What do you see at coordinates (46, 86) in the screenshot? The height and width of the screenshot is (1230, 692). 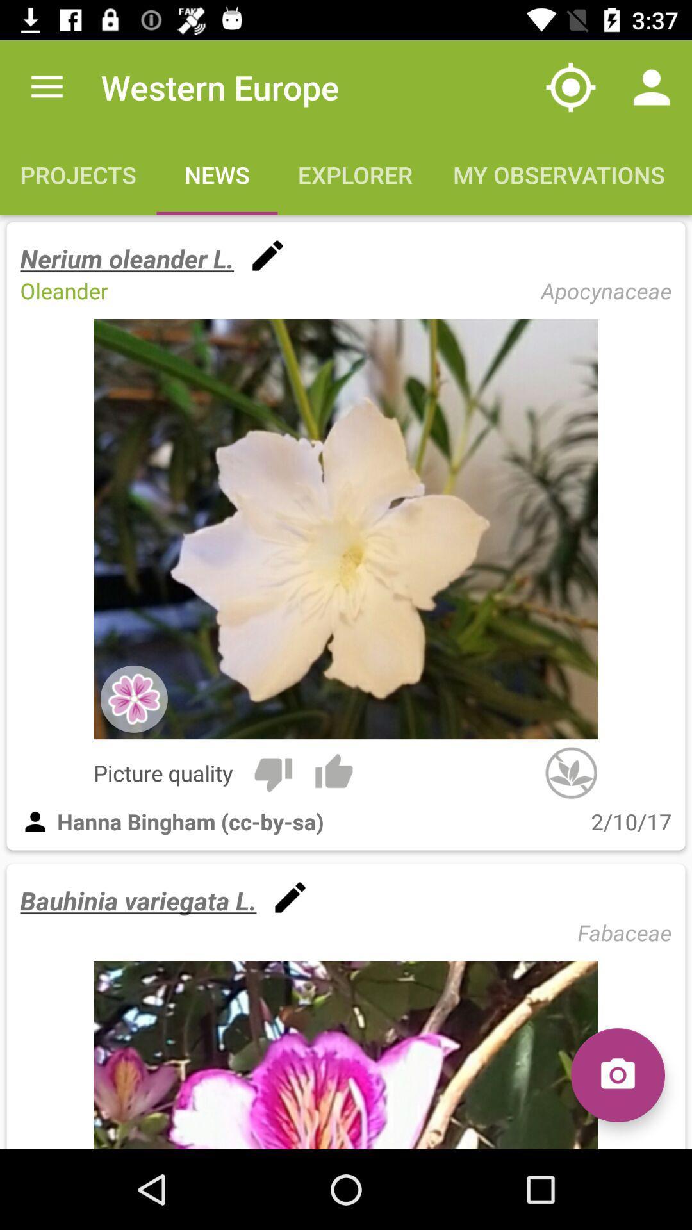 I see `the icon next to the western europe app` at bounding box center [46, 86].